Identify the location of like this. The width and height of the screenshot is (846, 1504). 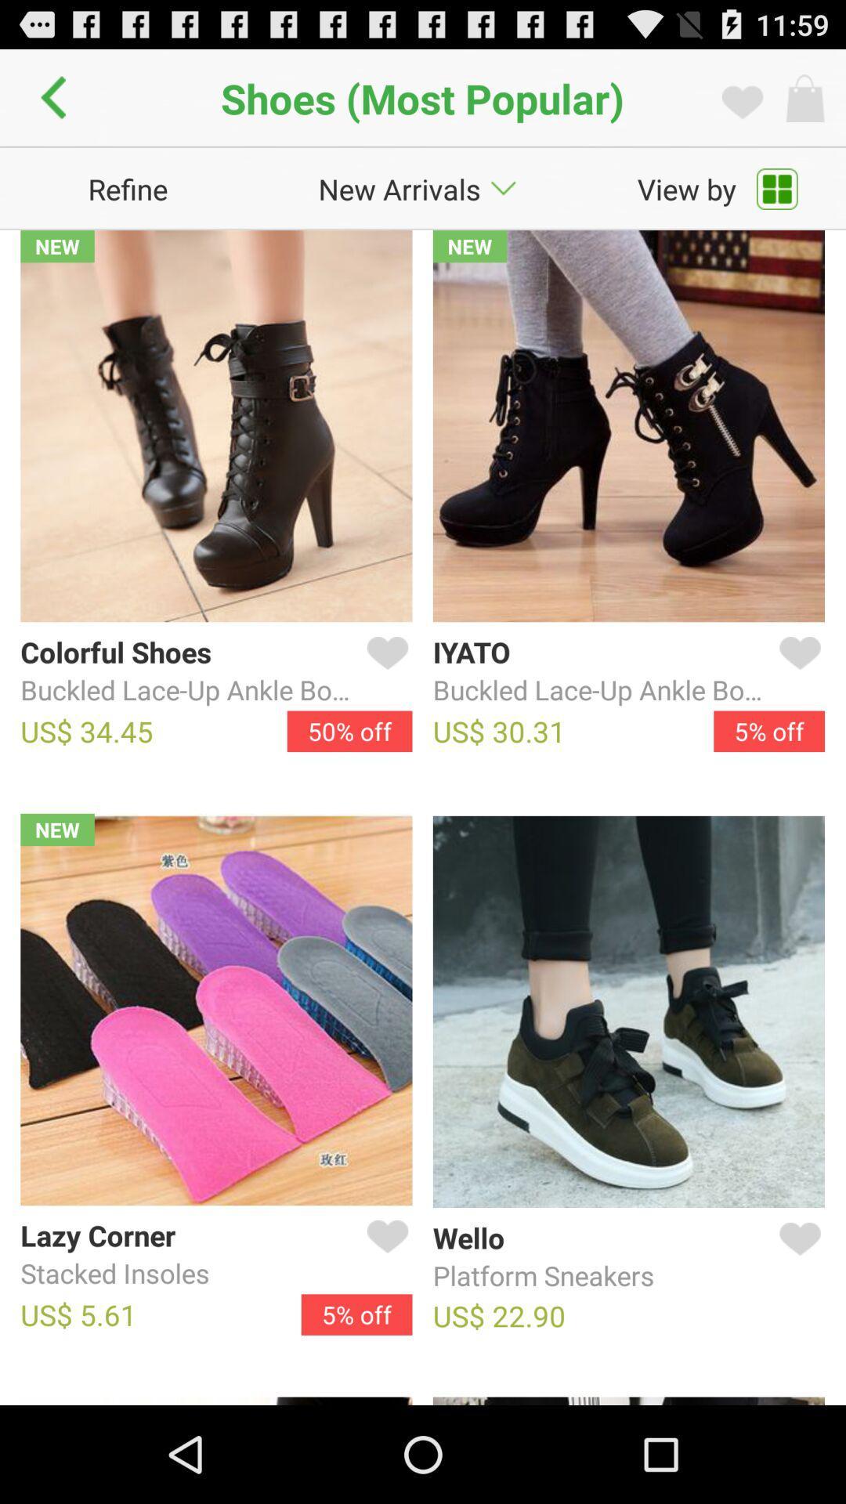
(797, 1257).